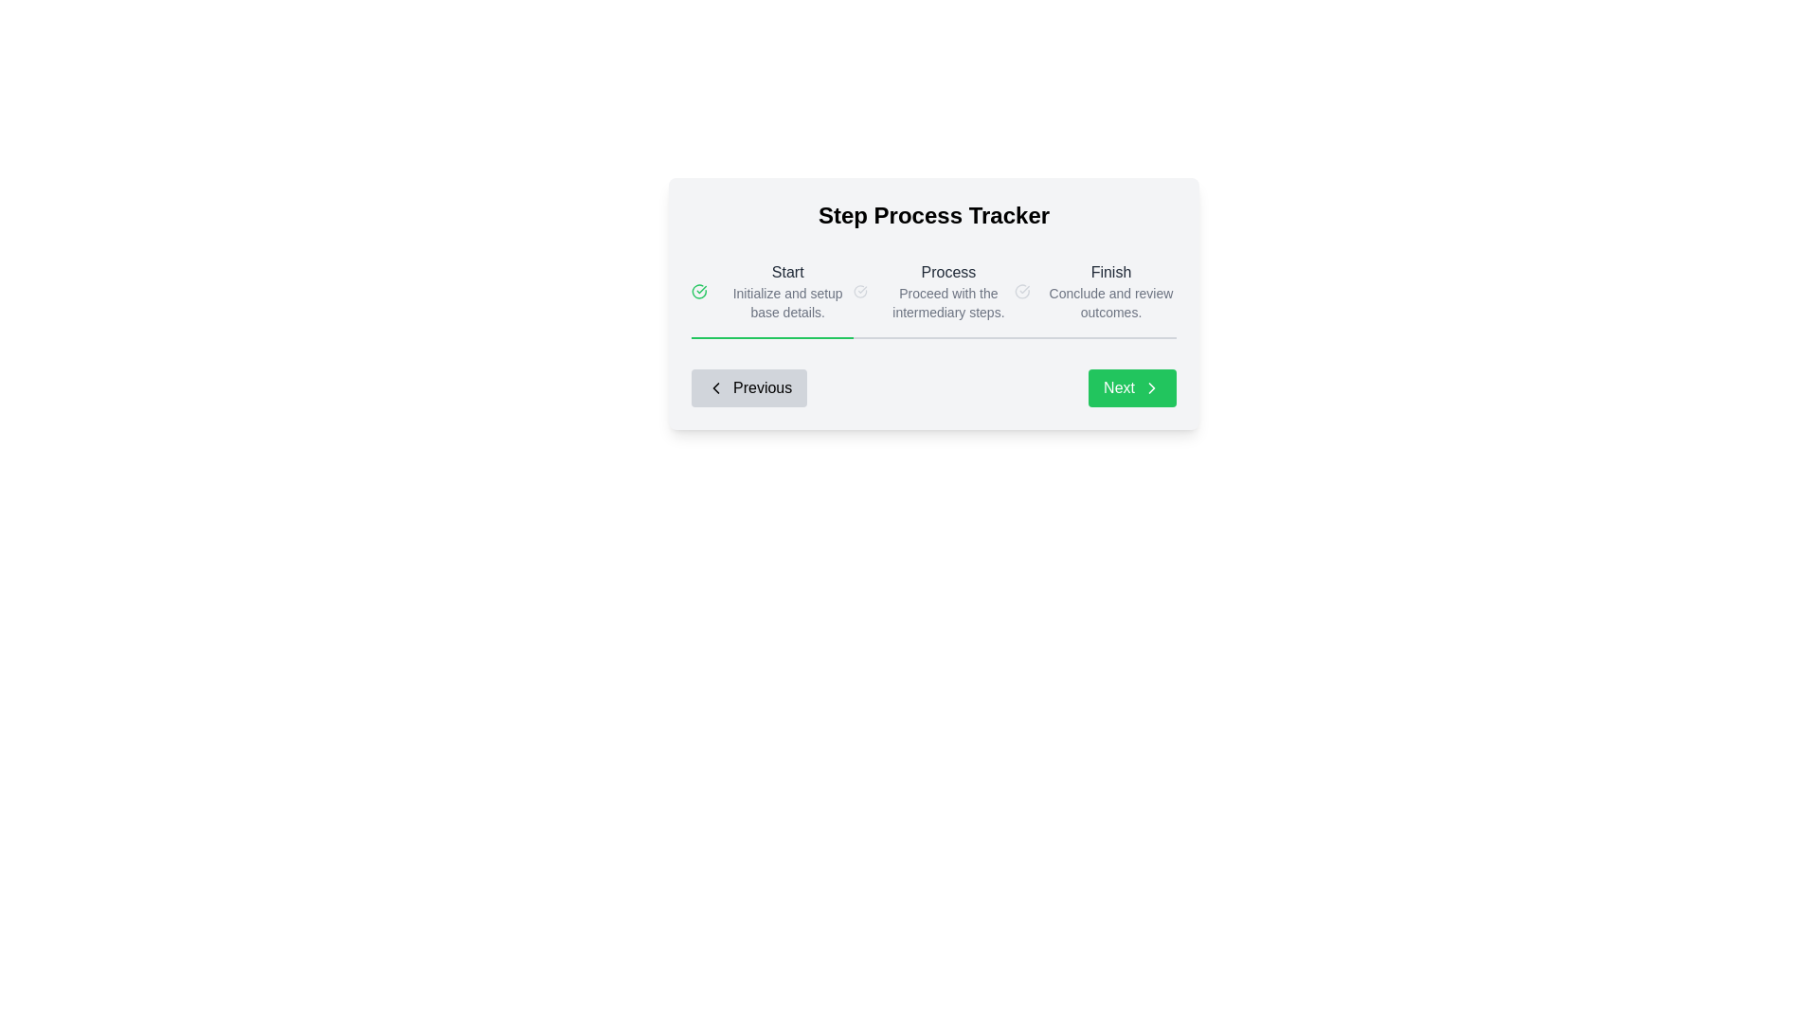 The image size is (1819, 1023). I want to click on descriptive text label providing additional information about the 'Finish' step in the progress tracker, located below the 'Finish' header, so click(1110, 302).